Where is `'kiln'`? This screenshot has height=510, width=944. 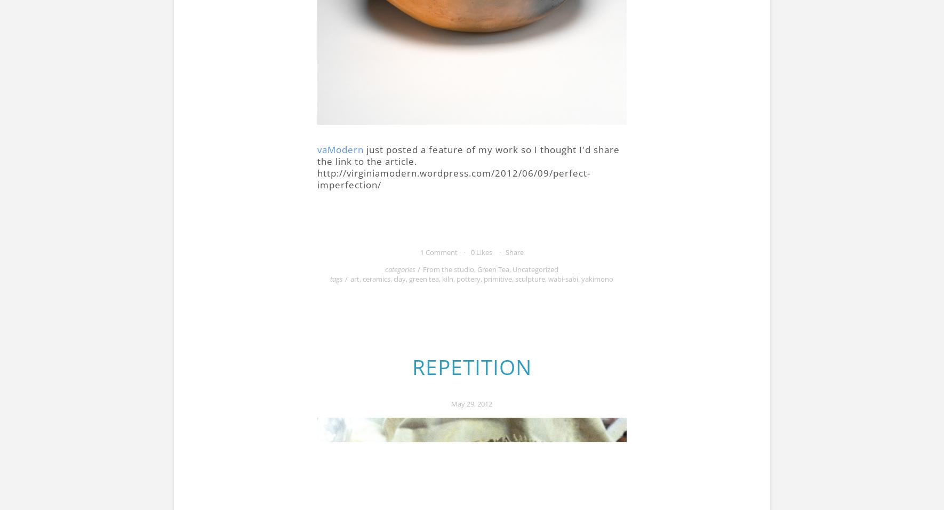 'kiln' is located at coordinates (447, 277).